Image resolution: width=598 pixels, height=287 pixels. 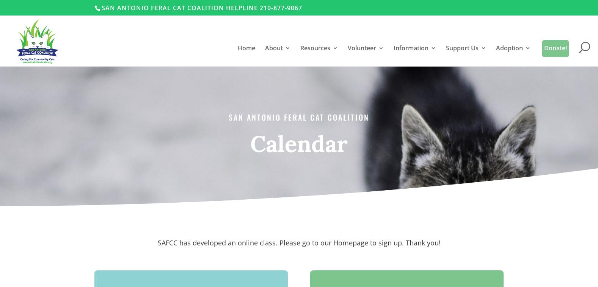 I want to click on 'Newsletter Archive', so click(x=433, y=150).